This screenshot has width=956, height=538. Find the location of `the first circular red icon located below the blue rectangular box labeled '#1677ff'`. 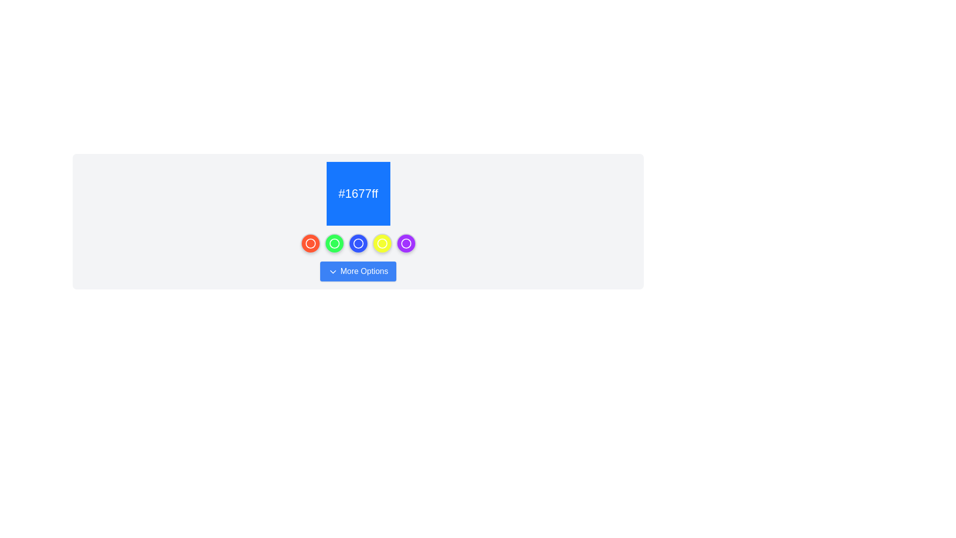

the first circular red icon located below the blue rectangular box labeled '#1677ff' is located at coordinates (310, 244).